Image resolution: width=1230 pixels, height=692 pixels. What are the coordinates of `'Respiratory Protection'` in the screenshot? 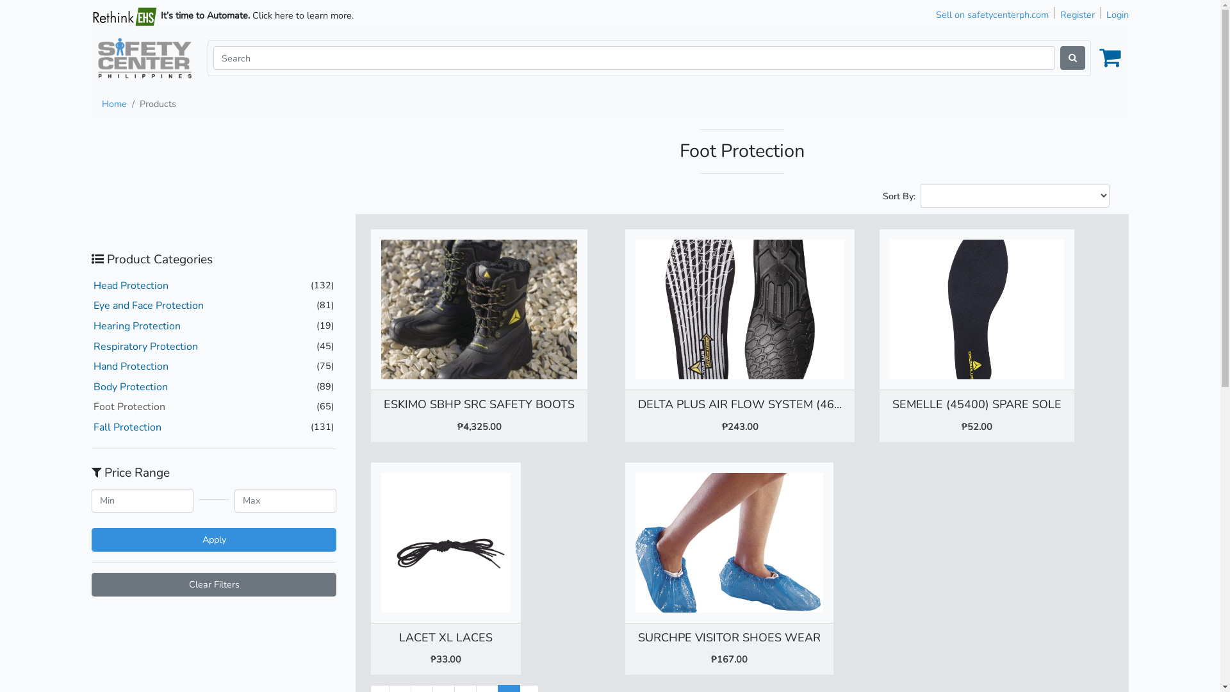 It's located at (145, 346).